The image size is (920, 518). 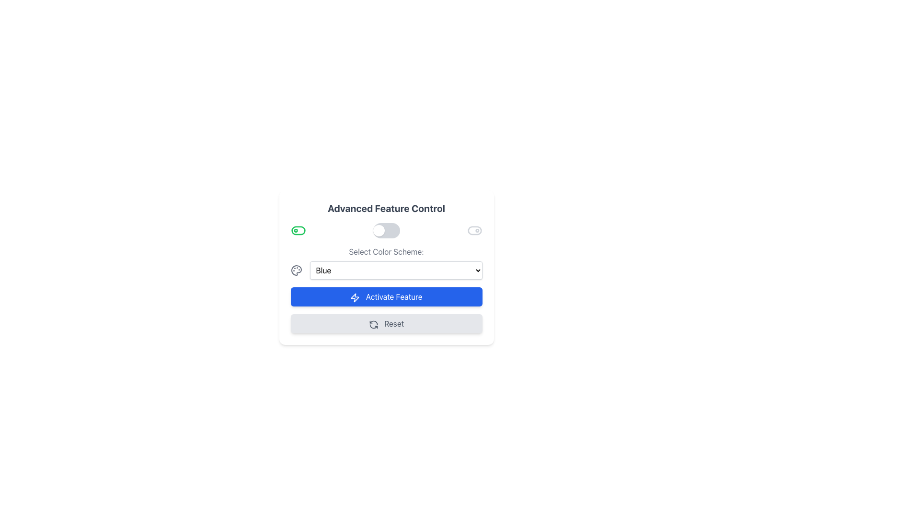 What do you see at coordinates (355, 297) in the screenshot?
I see `the lightning bolt icon, which is located` at bounding box center [355, 297].